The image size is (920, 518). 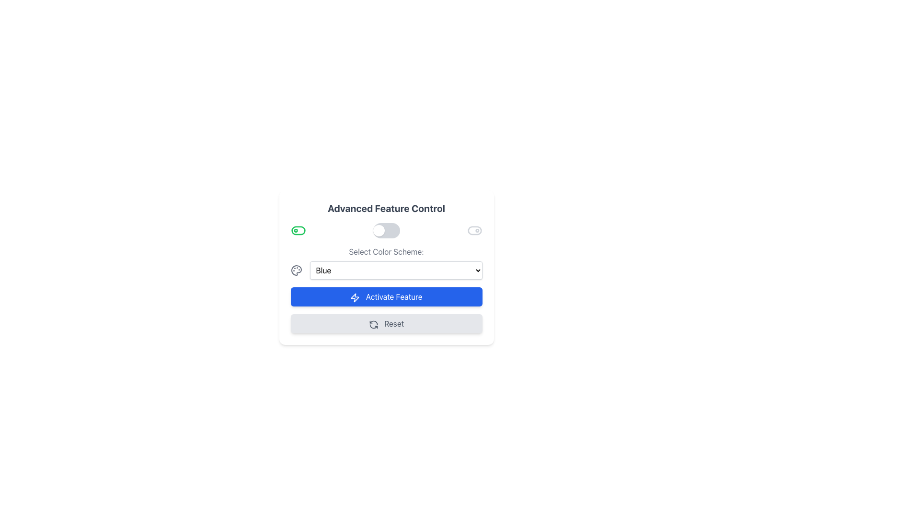 What do you see at coordinates (355, 297) in the screenshot?
I see `the lightning bolt icon, which is located` at bounding box center [355, 297].